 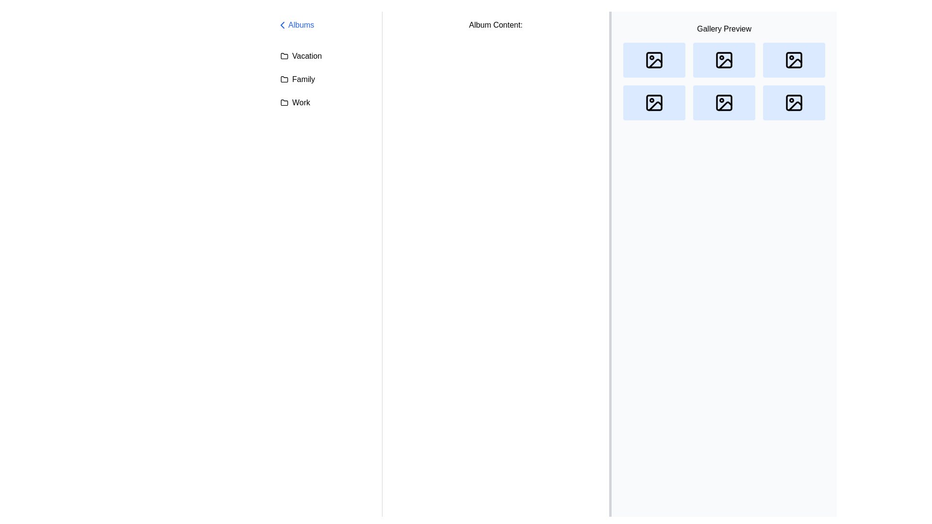 I want to click on the square icon depicting an image symbol located in the second row and third column of the grid layout under the 'Gallery Preview' label, so click(x=724, y=103).